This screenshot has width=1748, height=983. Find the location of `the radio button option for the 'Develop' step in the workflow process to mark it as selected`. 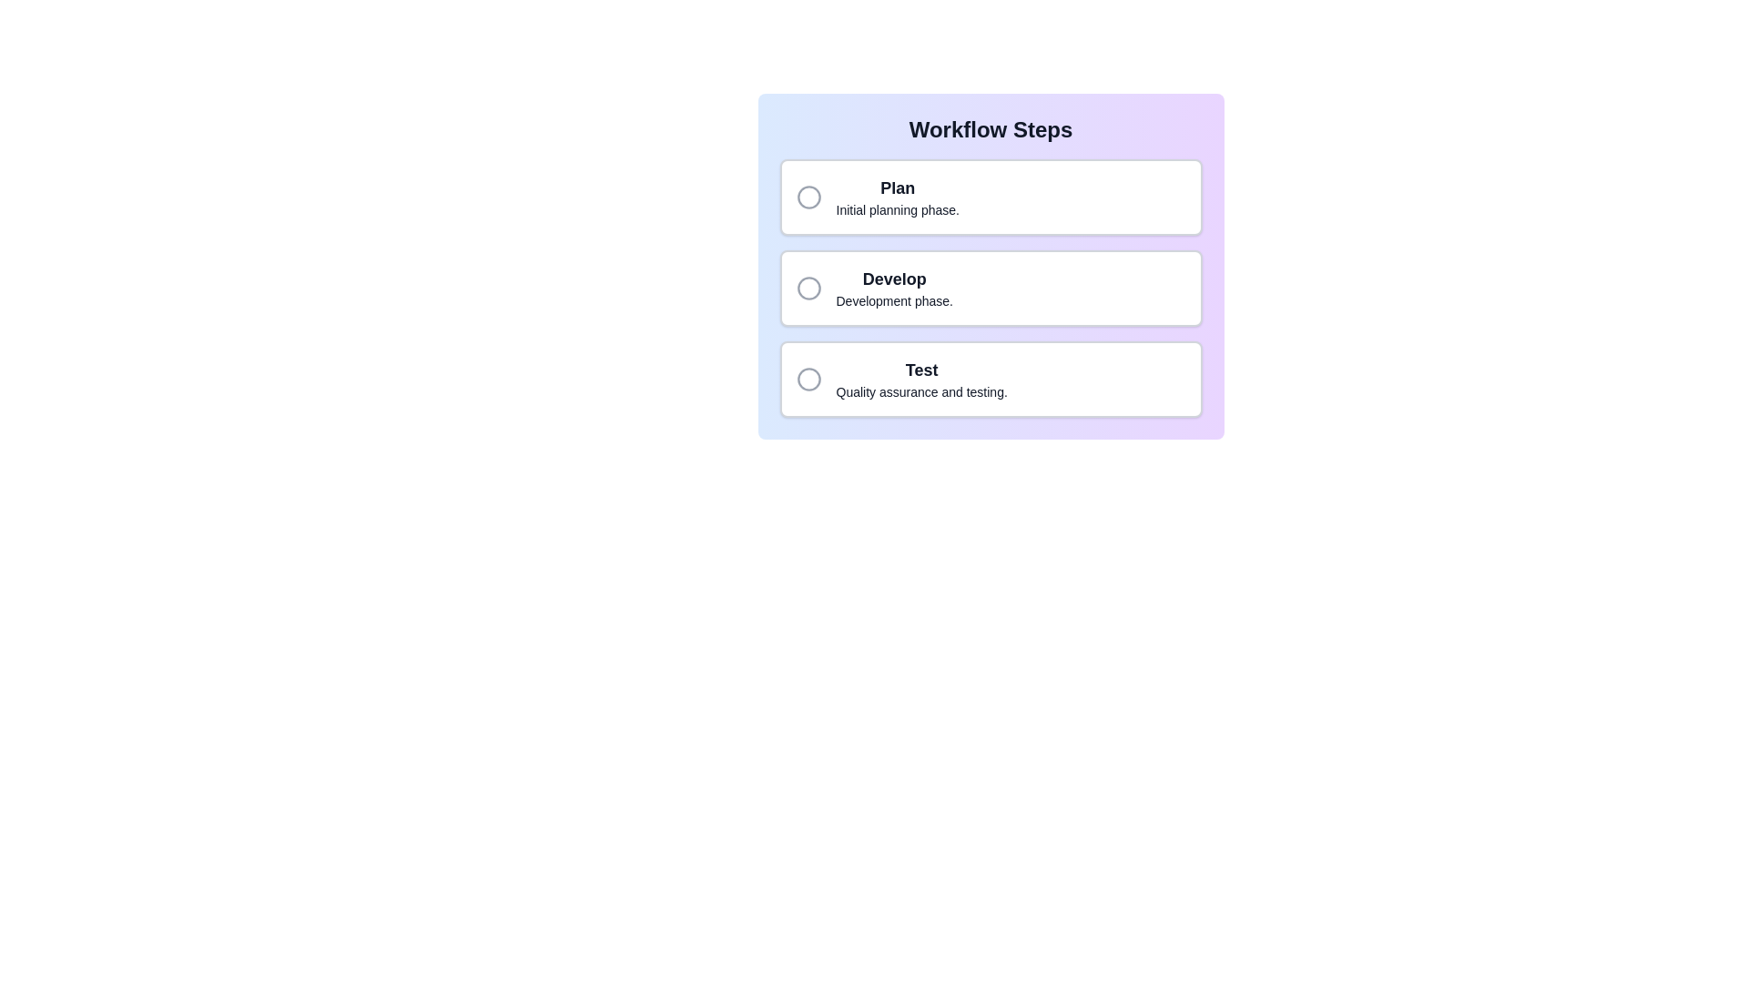

the radio button option for the 'Develop' step in the workflow process to mark it as selected is located at coordinates (990, 287).